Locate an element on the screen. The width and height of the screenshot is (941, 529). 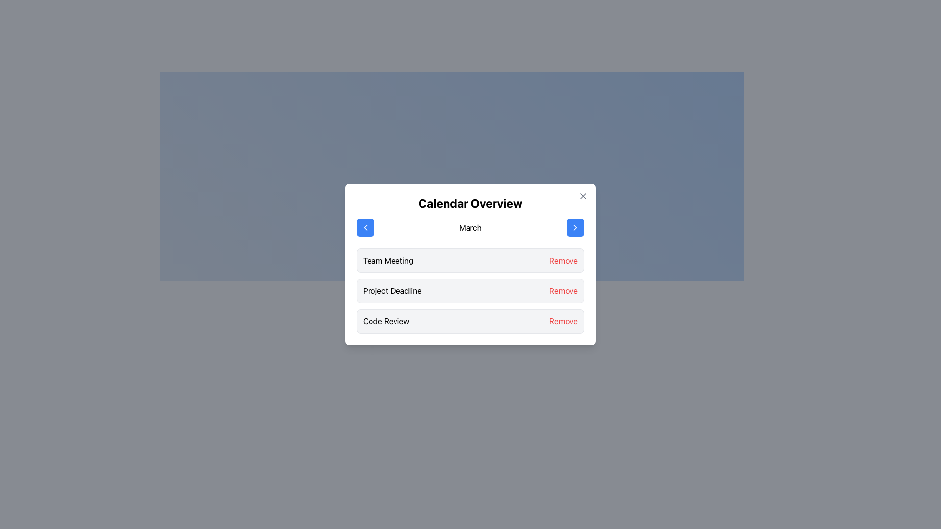
the blue circular button containing the chevron icon pointing to the left is located at coordinates (365, 228).